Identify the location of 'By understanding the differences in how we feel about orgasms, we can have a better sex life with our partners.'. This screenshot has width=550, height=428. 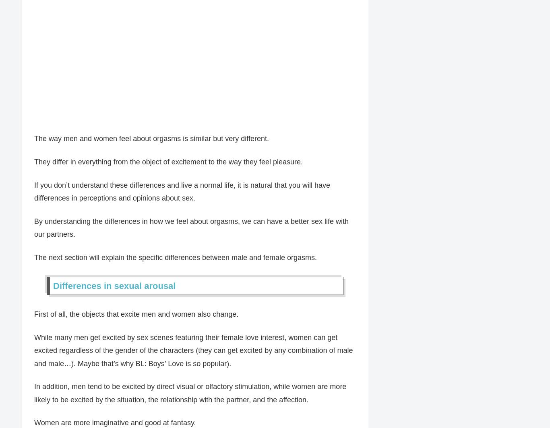
(191, 228).